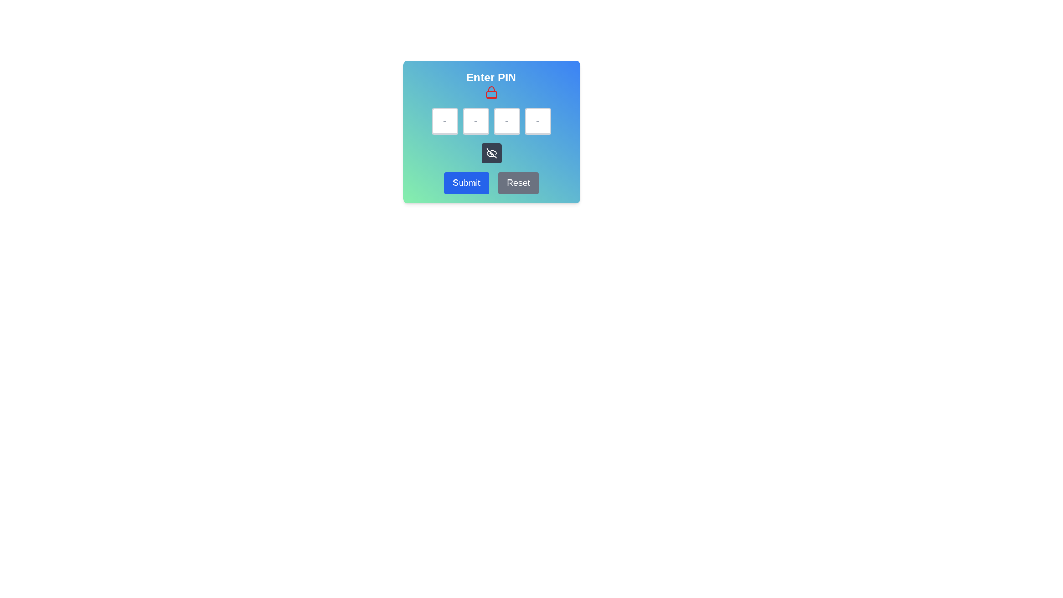 The width and height of the screenshot is (1063, 598). Describe the element at coordinates (518, 182) in the screenshot. I see `the 'Reset' button with a gray background and rounded corners` at that location.